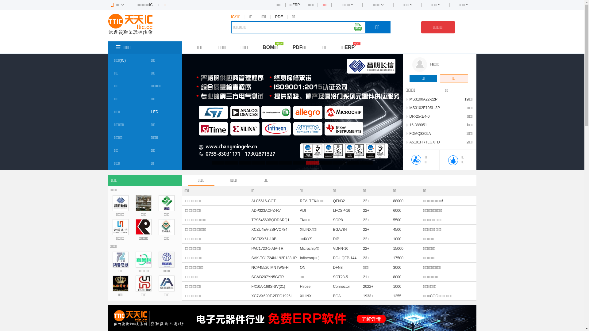 The image size is (589, 331). Describe the element at coordinates (252, 248) in the screenshot. I see `'PAC1720-1-AIA-TR'` at that location.